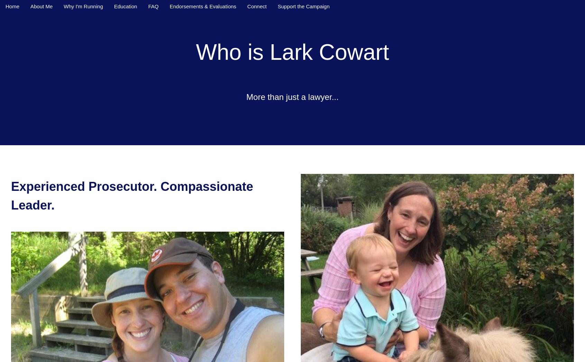 Image resolution: width=585 pixels, height=362 pixels. I want to click on 'Connect', so click(256, 6).